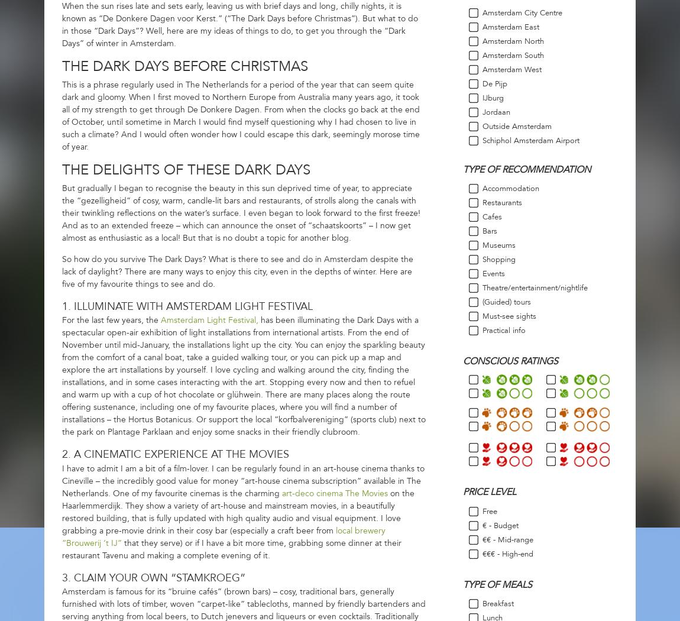 This screenshot has height=621, width=680. I want to click on 'For the last few years, the', so click(111, 320).